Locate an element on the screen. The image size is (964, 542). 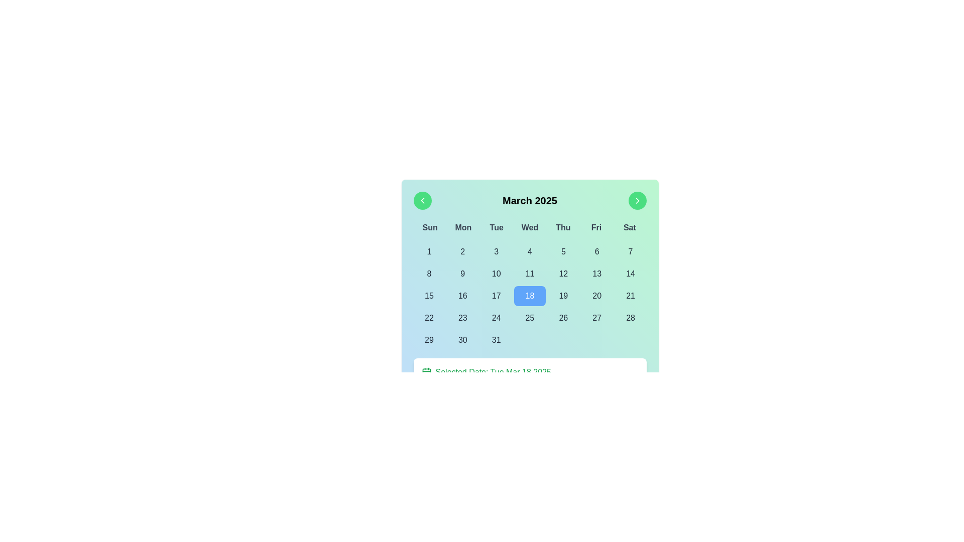
the right-pointing chevron icon inside the circular navigation button located in the top-right corner of the calendar view is located at coordinates (637, 201).